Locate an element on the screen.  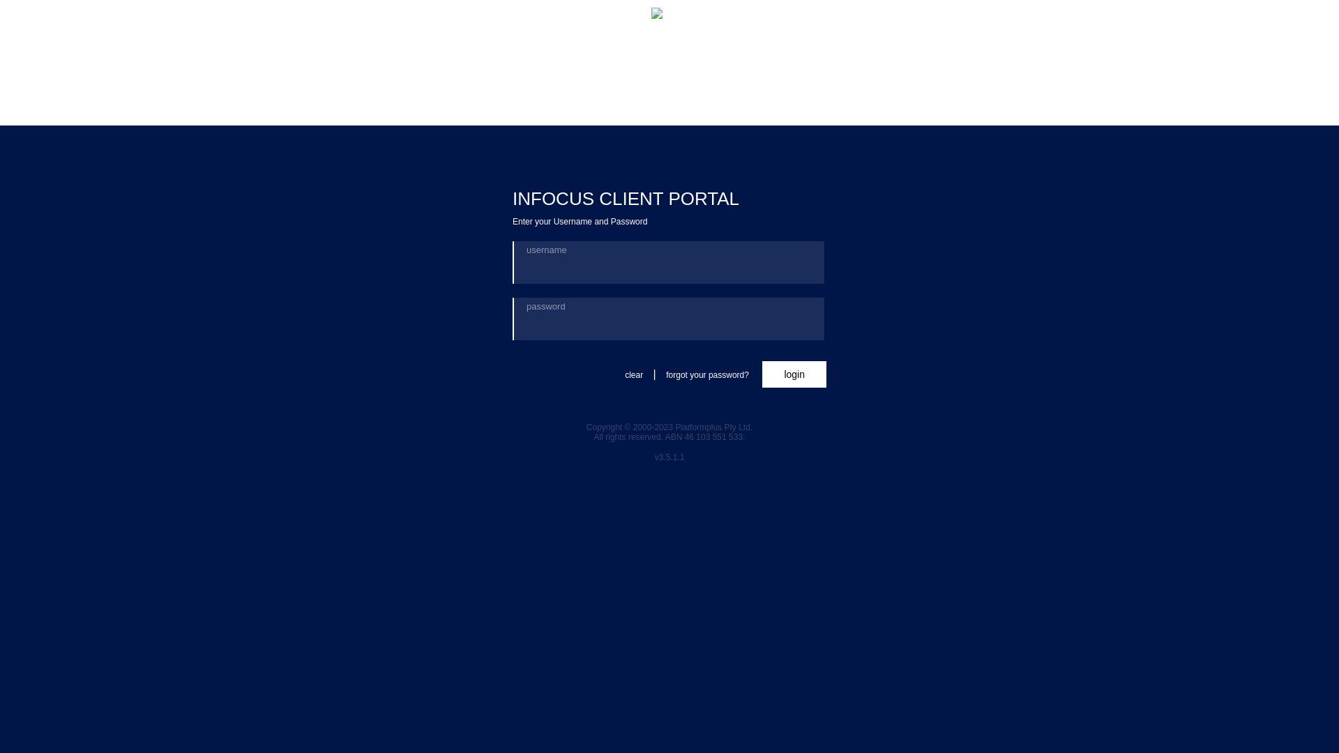
'forgot your password?' is located at coordinates (707, 374).